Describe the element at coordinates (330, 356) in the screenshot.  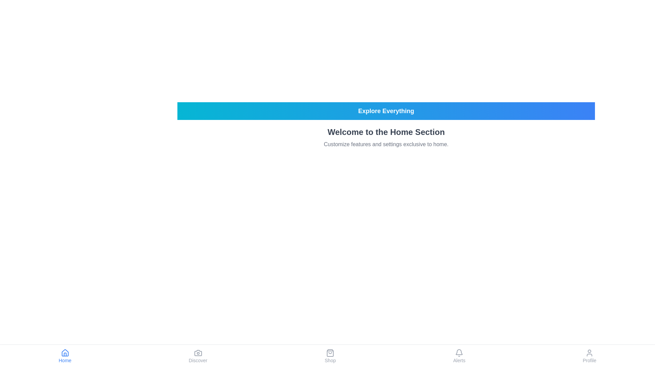
I see `the Shop tab in the bottom navigation bar` at that location.